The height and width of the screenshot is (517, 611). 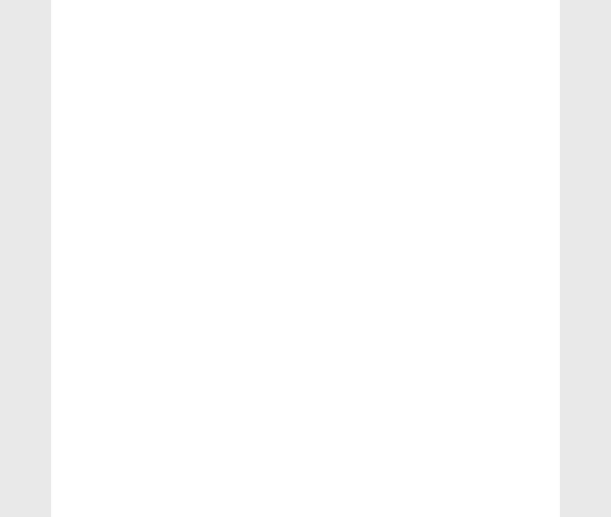 I want to click on 'Legal Document', so click(x=80, y=276).